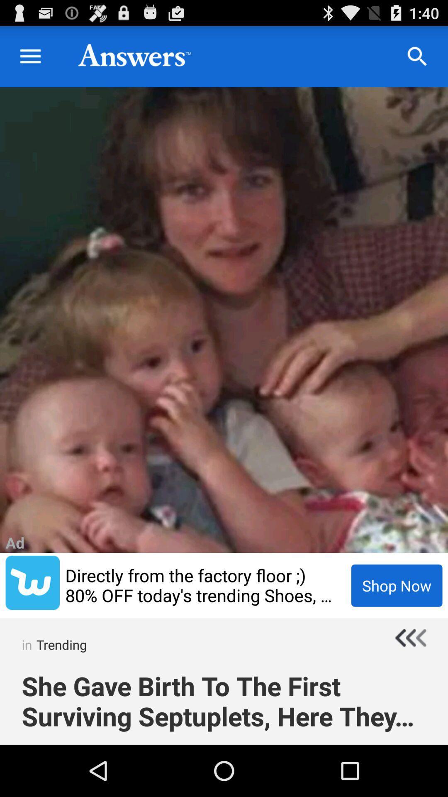 The image size is (448, 797). Describe the element at coordinates (417, 60) in the screenshot. I see `the search icon` at that location.